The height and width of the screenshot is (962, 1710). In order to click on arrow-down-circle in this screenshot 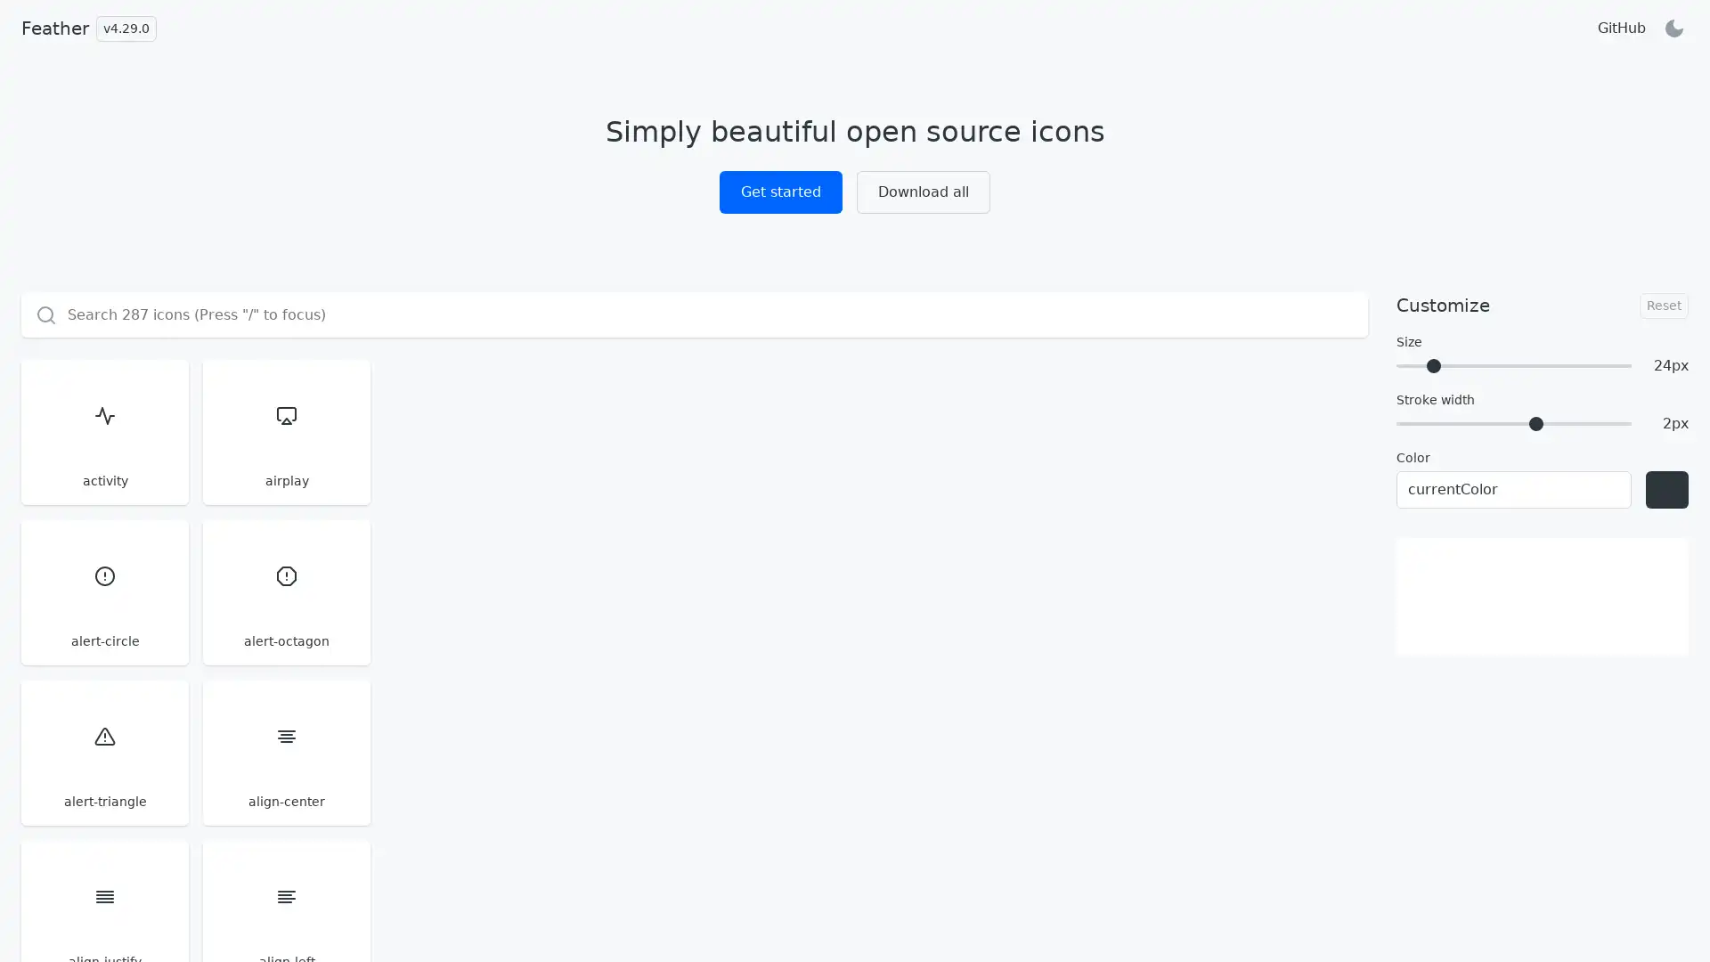, I will do `click(541, 591)`.